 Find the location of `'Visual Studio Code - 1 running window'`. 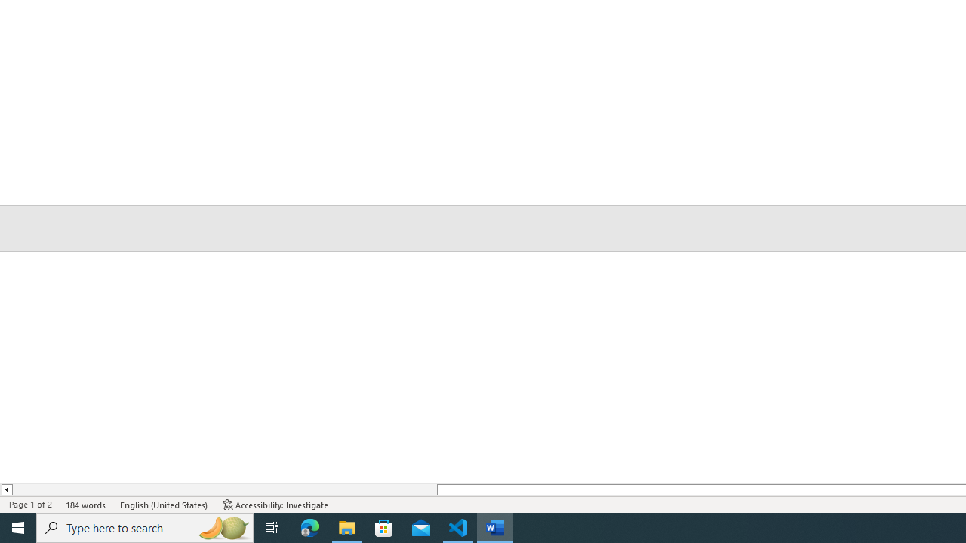

'Visual Studio Code - 1 running window' is located at coordinates (457, 526).